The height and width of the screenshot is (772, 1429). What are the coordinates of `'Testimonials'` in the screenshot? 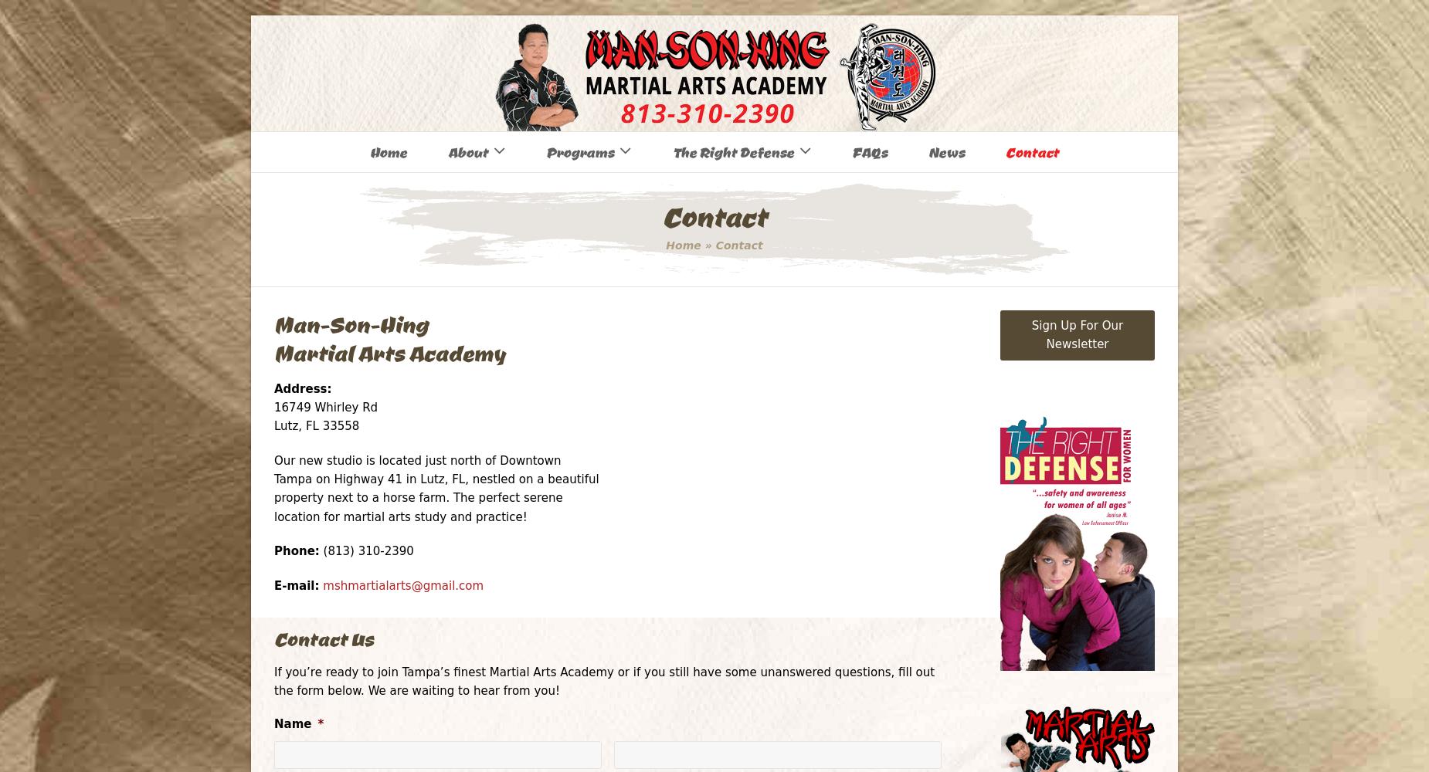 It's located at (482, 274).